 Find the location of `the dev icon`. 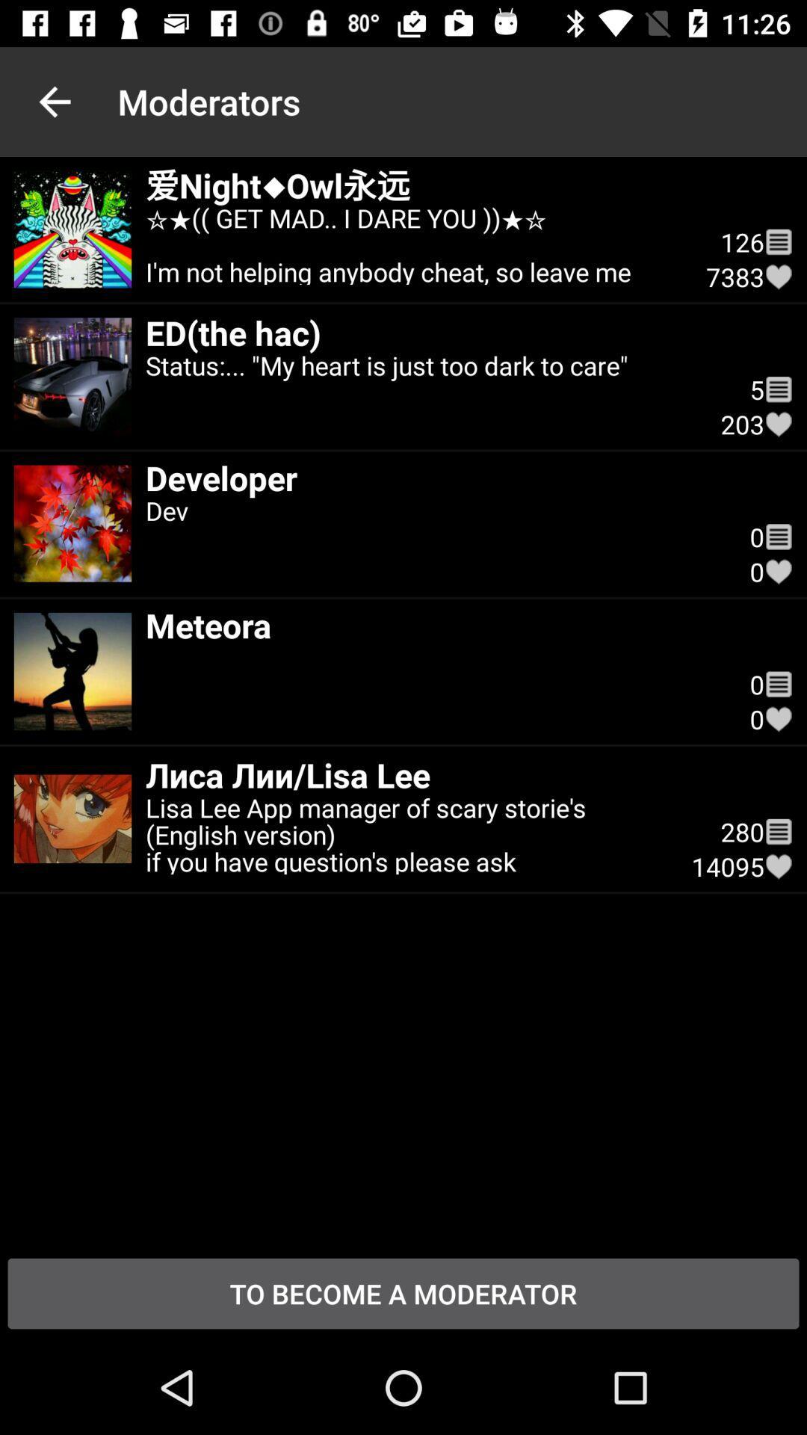

the dev icon is located at coordinates (433, 537).